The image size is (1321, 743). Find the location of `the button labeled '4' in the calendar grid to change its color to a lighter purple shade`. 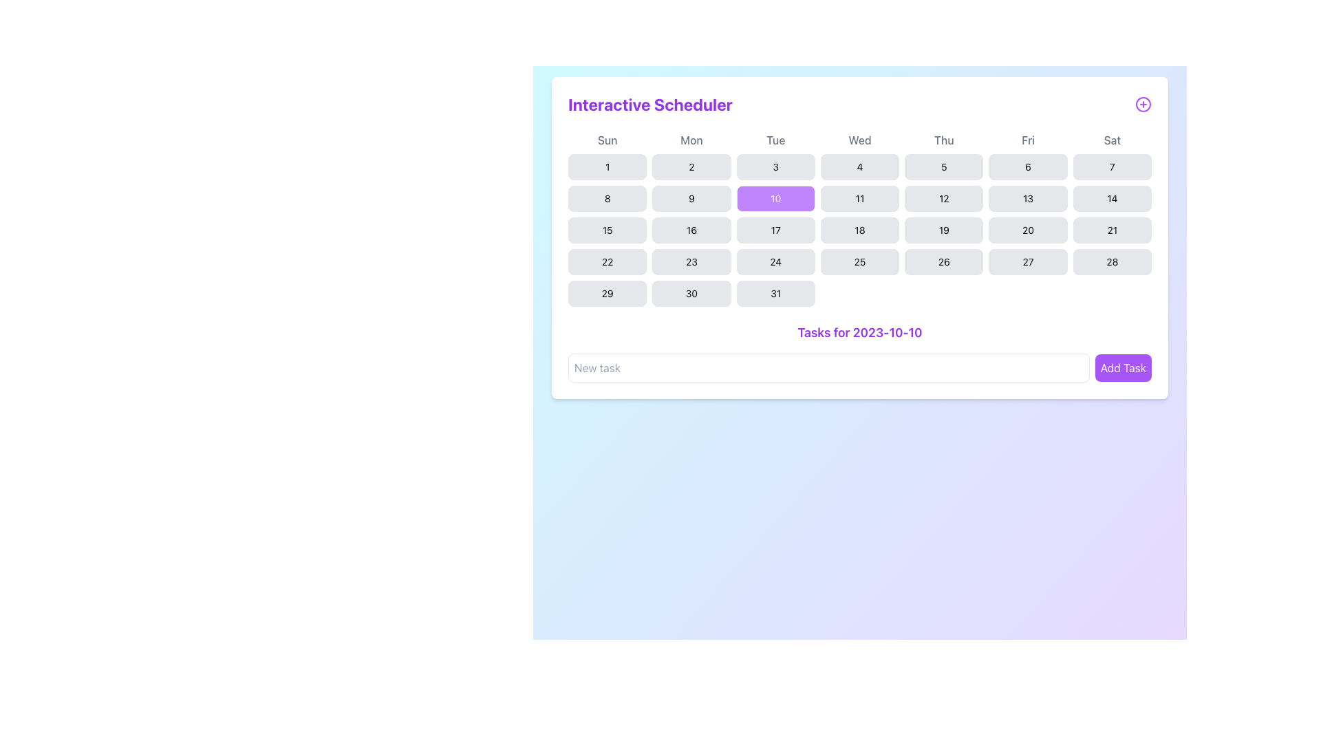

the button labeled '4' in the calendar grid to change its color to a lighter purple shade is located at coordinates (859, 166).